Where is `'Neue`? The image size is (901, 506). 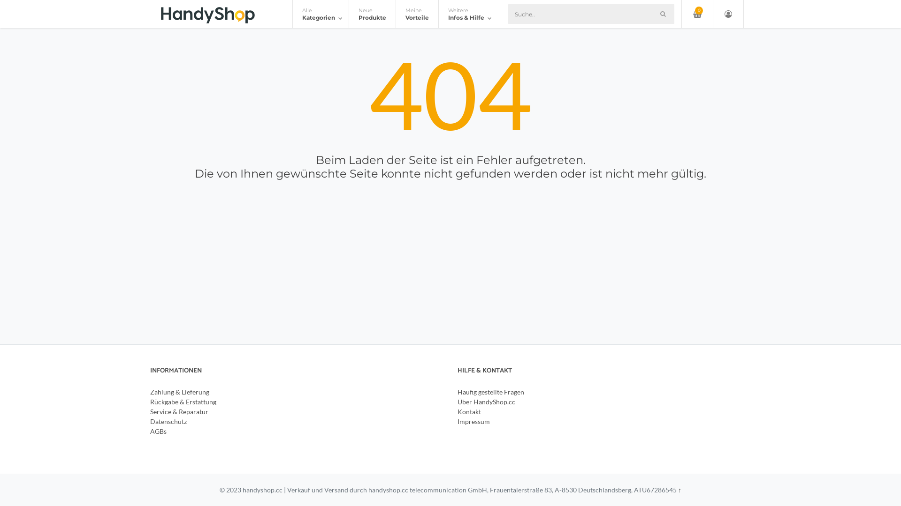
'Neue is located at coordinates (371, 14).